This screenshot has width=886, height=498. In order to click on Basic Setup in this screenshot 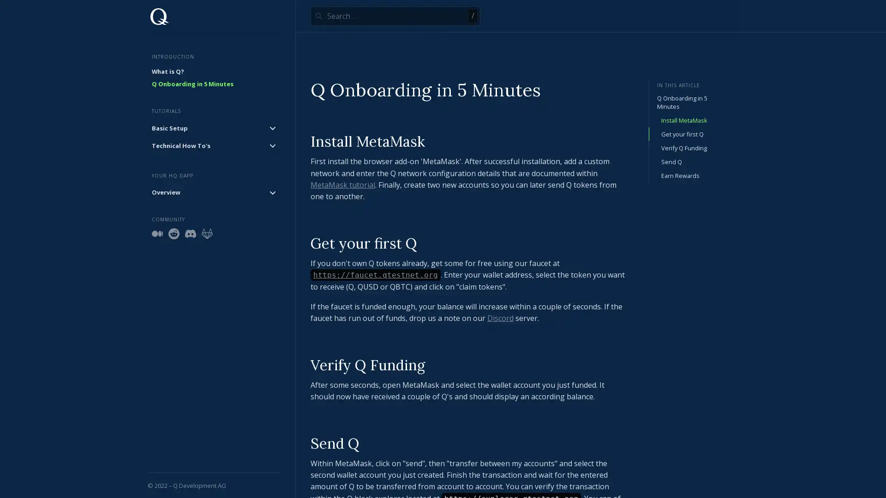, I will do `click(214, 128)`.